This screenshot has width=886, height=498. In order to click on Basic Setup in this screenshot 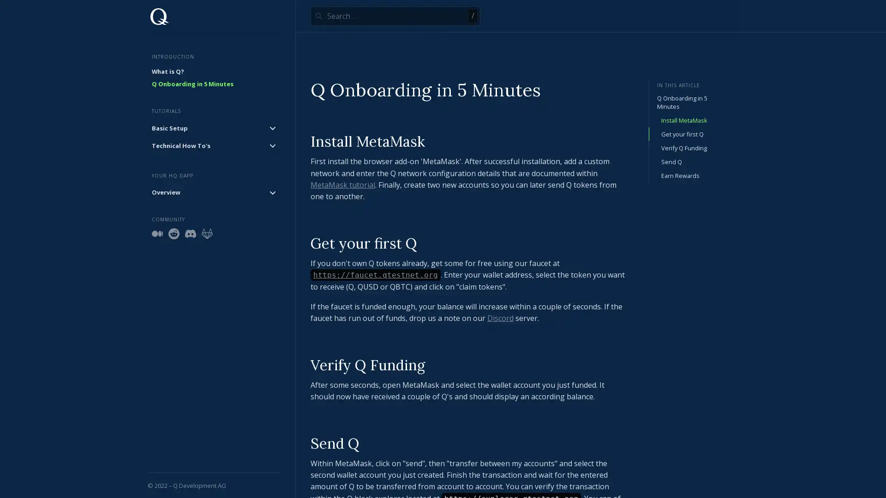, I will do `click(214, 128)`.